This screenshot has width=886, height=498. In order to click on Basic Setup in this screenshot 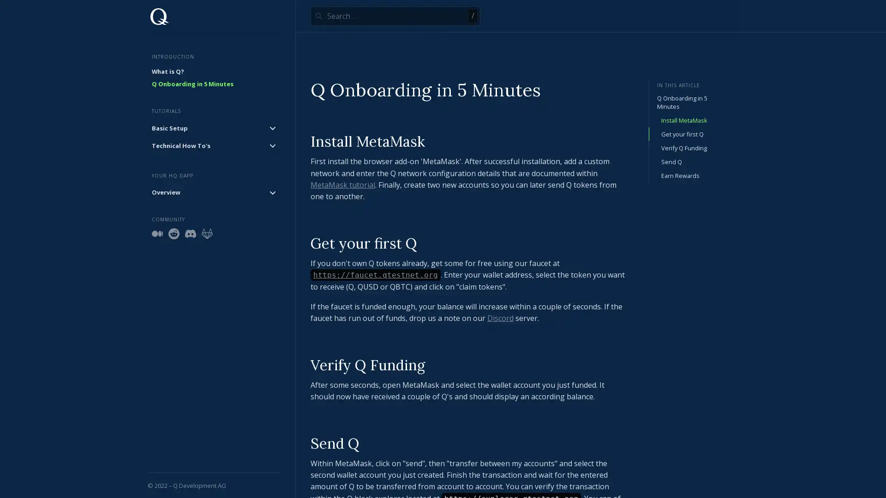, I will do `click(214, 128)`.